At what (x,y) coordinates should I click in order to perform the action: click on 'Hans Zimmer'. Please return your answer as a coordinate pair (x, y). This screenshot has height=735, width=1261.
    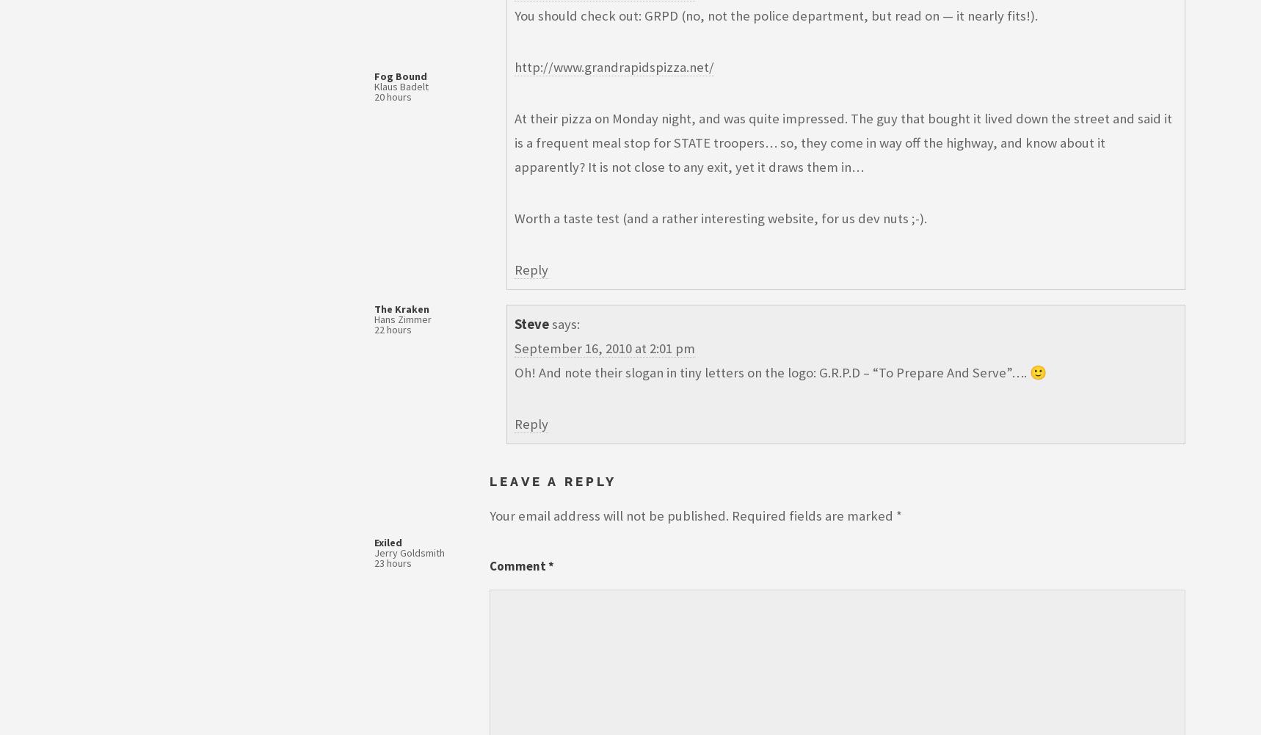
    Looking at the image, I should click on (402, 319).